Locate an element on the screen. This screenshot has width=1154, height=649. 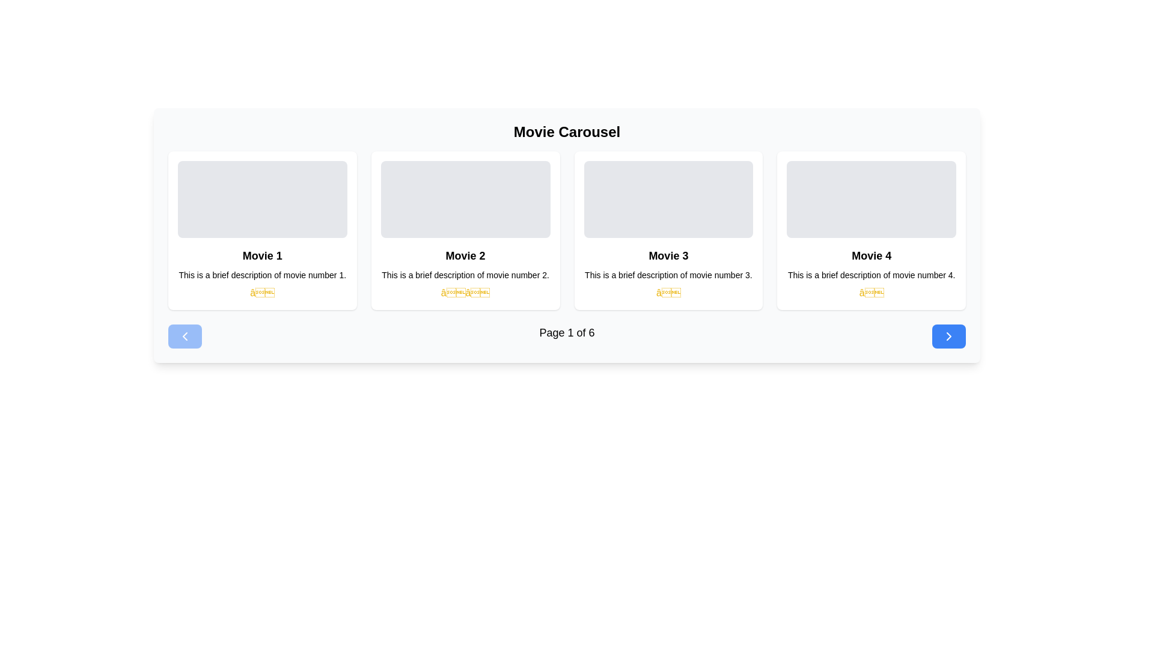
text content of the descriptive summary label for the movie 'Movie 4' located within the fourth item of the carousel view, positioned directly below the title is located at coordinates (872, 275).